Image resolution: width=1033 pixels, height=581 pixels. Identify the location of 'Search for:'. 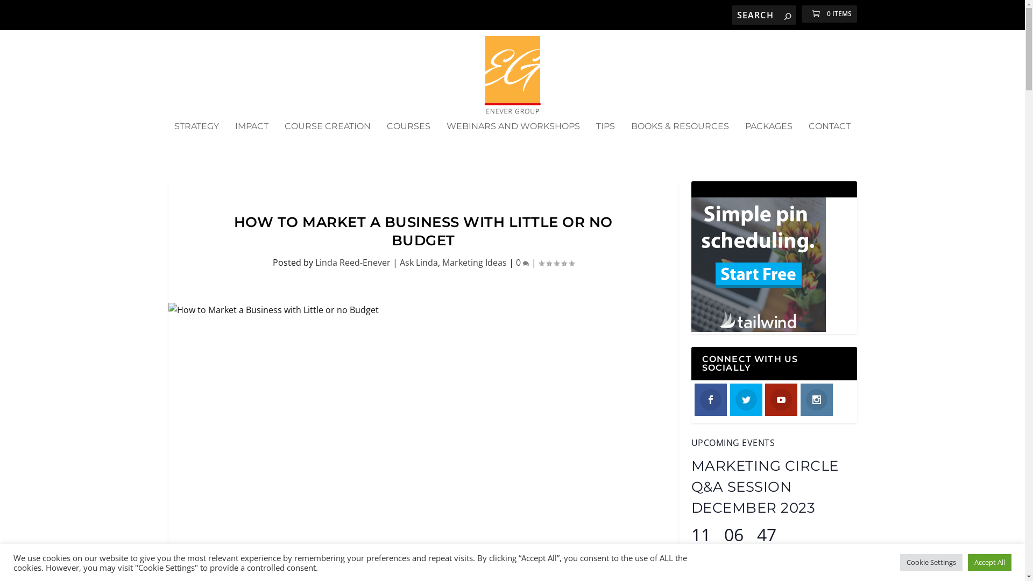
(763, 15).